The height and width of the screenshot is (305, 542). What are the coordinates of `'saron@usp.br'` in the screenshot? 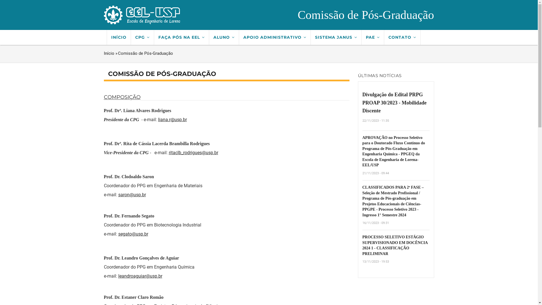 It's located at (131, 194).